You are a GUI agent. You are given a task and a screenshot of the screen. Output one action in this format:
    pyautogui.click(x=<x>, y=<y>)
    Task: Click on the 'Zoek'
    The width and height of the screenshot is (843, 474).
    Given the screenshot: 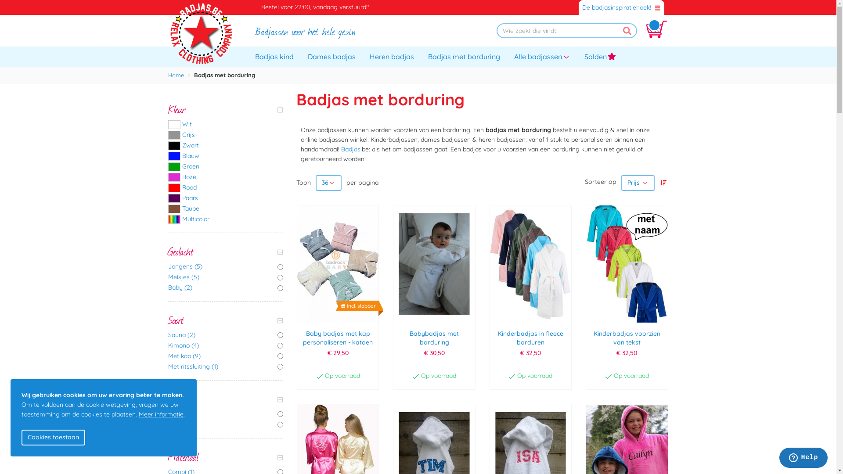 What is the action you would take?
    pyautogui.click(x=627, y=30)
    